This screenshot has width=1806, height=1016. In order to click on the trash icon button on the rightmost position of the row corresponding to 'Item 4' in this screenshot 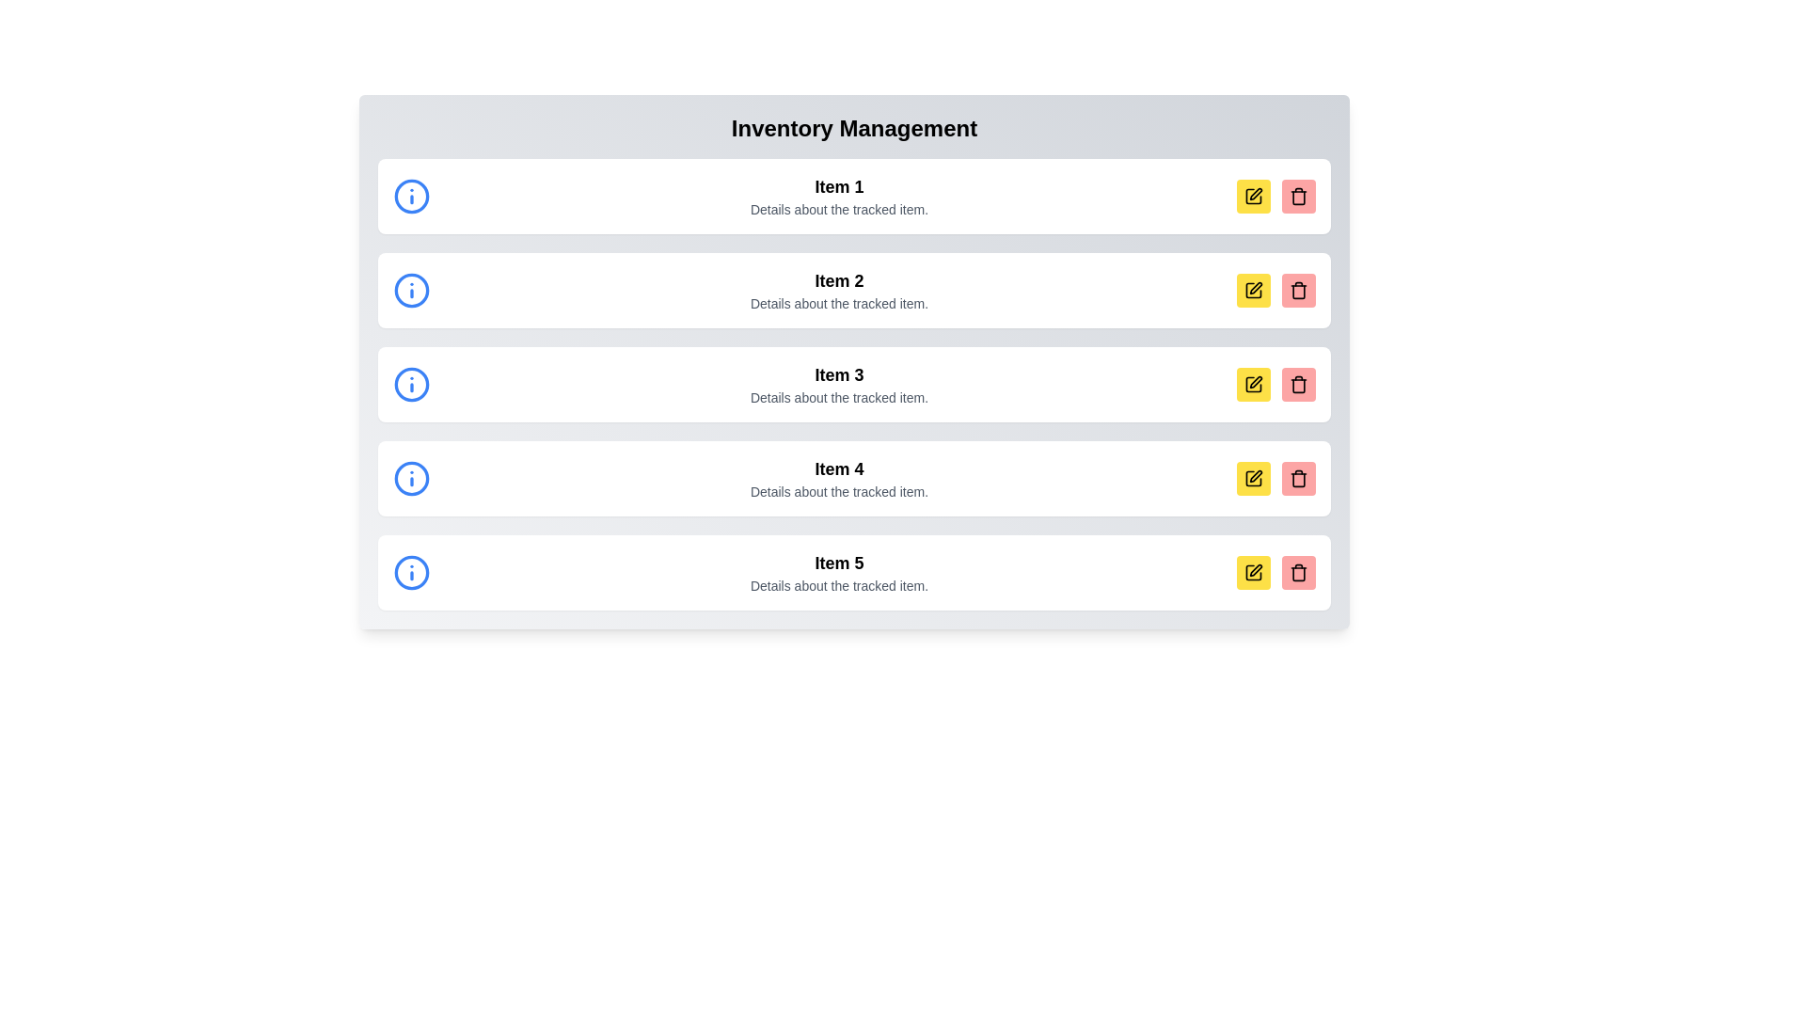, I will do `click(1298, 478)`.